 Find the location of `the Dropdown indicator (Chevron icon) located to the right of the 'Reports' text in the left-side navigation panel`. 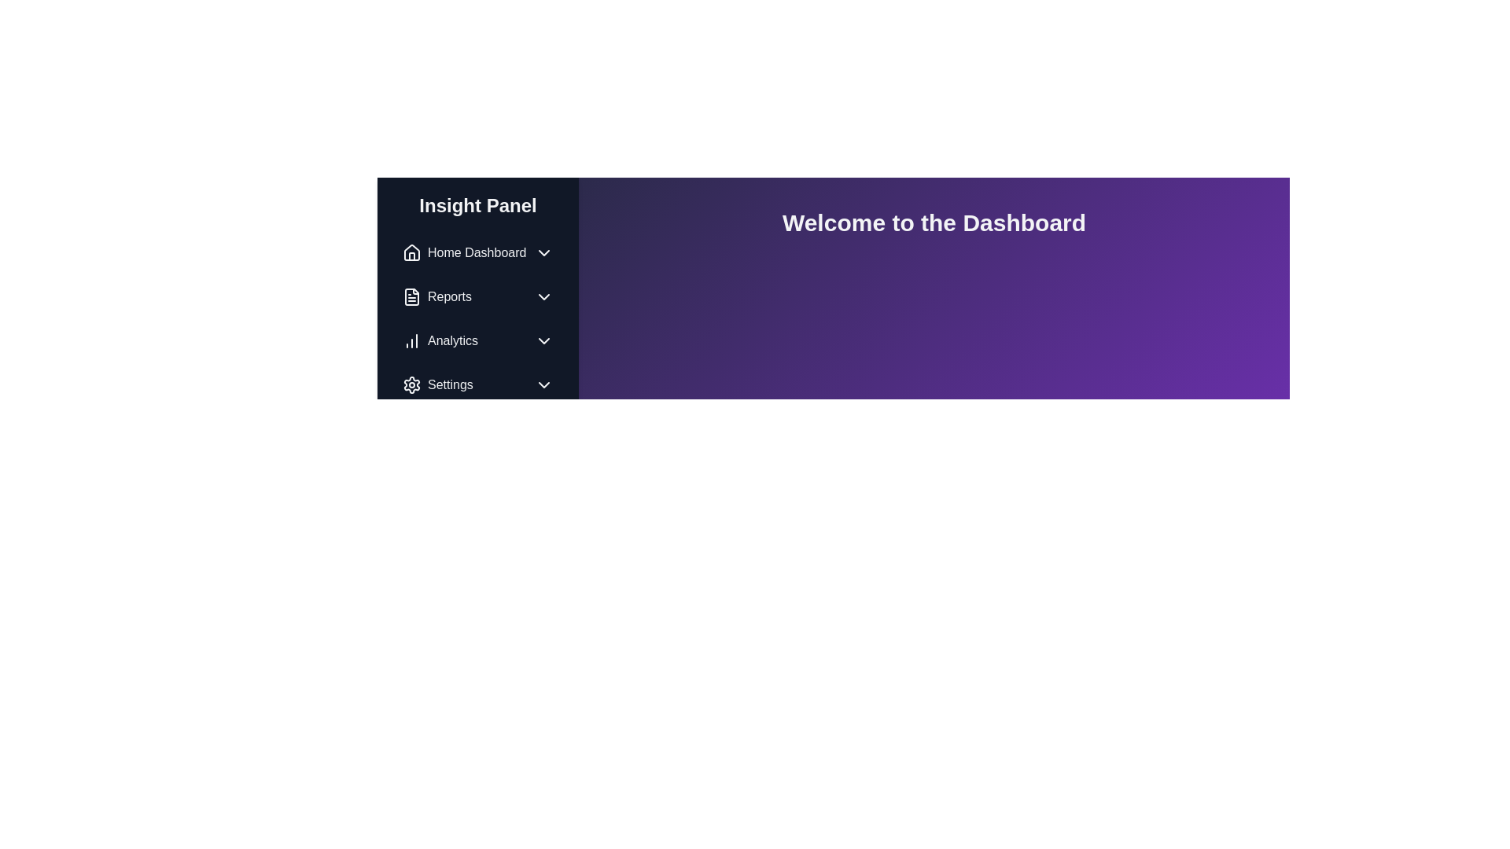

the Dropdown indicator (Chevron icon) located to the right of the 'Reports' text in the left-side navigation panel is located at coordinates (543, 297).